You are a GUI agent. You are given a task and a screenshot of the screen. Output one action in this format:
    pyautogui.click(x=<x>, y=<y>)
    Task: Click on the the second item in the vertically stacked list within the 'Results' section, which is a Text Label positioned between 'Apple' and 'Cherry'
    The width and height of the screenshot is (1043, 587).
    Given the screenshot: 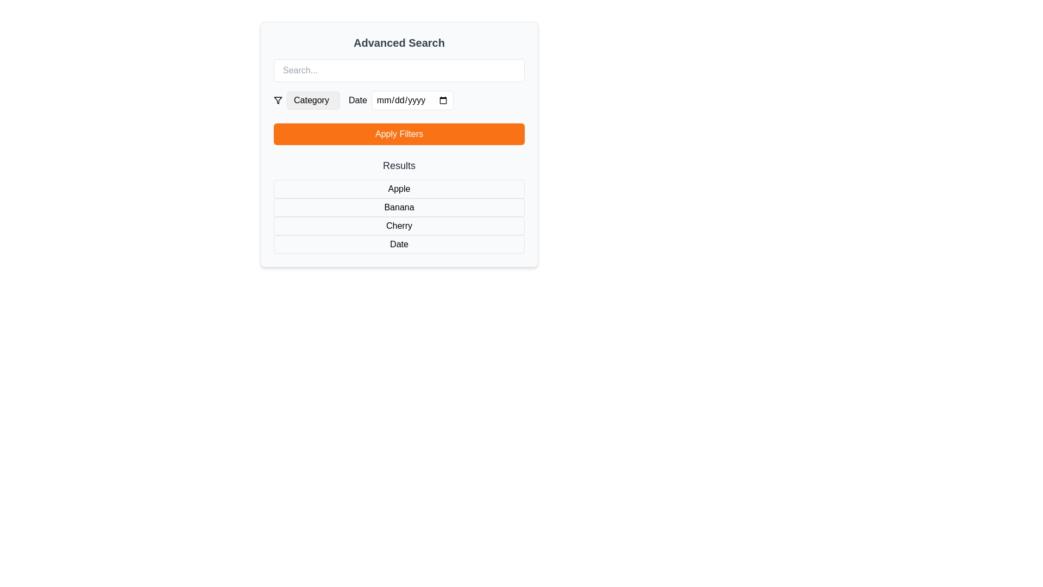 What is the action you would take?
    pyautogui.click(x=398, y=207)
    